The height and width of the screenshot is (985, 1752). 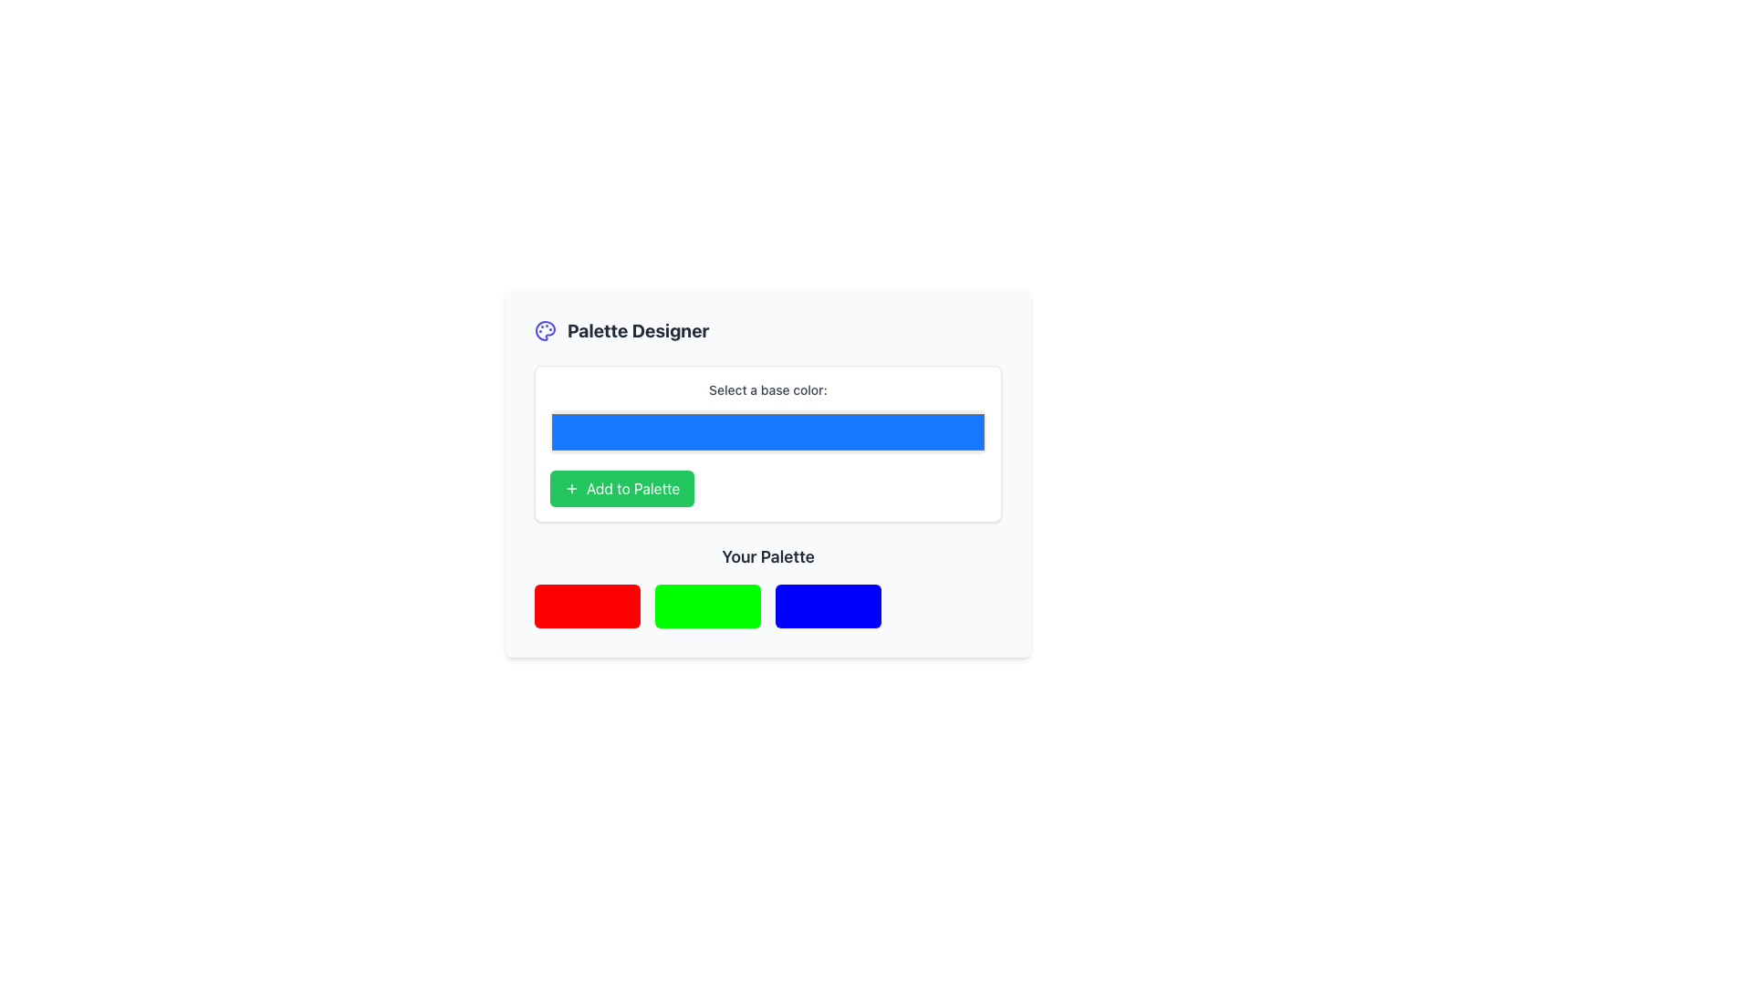 I want to click on the iconographic SVG graphic representing color palettes or design, located in the header section adjacent to the 'Palette Designer' text, so click(x=545, y=330).